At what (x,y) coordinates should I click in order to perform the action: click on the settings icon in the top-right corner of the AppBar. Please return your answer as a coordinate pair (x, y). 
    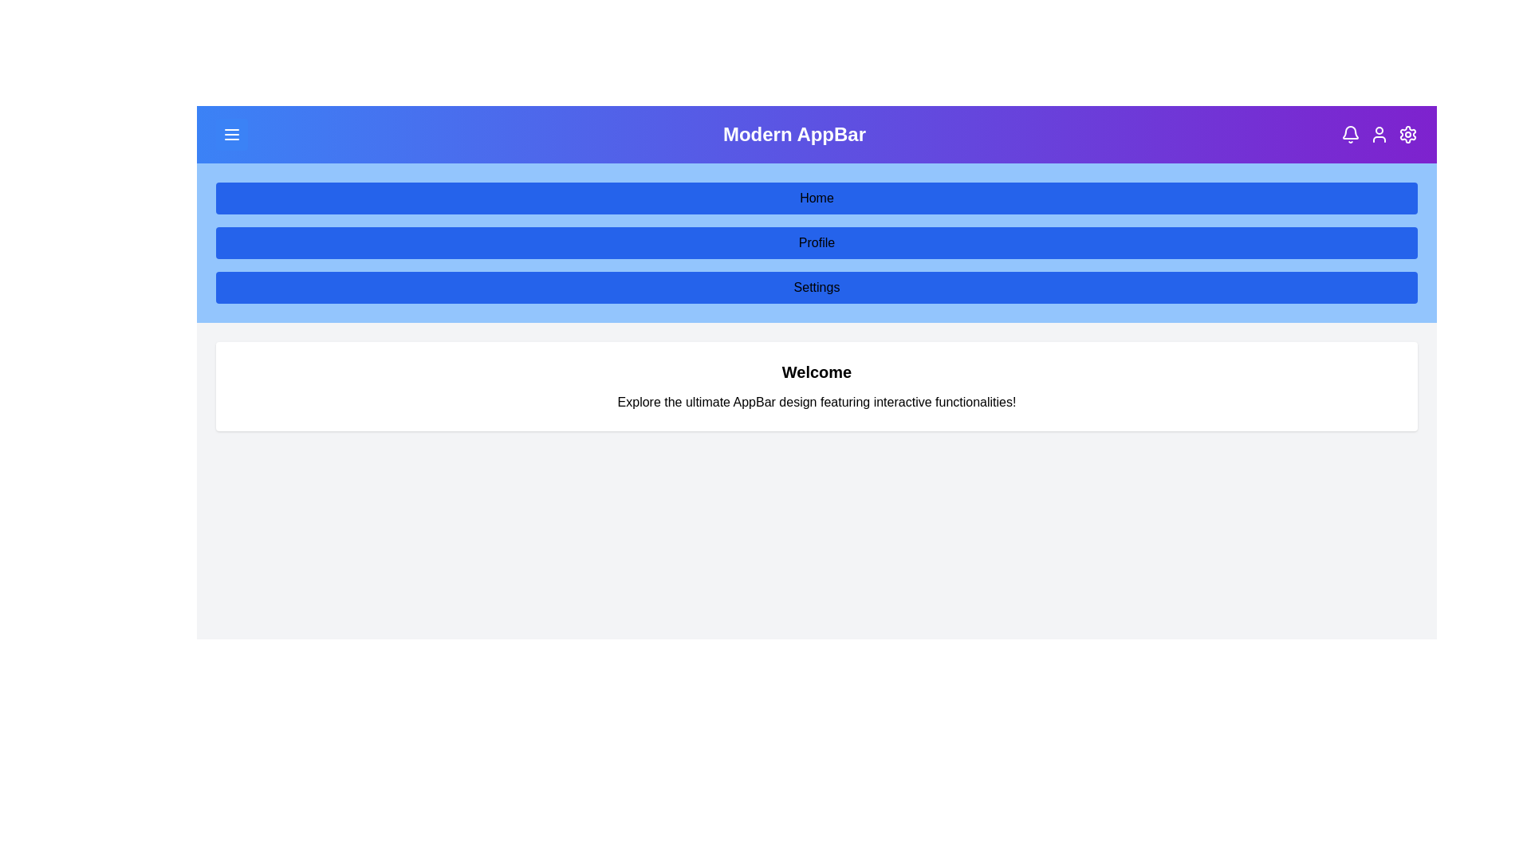
    Looking at the image, I should click on (1408, 134).